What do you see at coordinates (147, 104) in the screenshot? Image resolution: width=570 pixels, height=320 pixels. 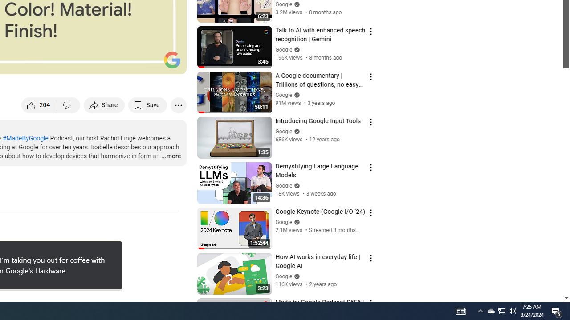 I see `'Save to playlist'` at bounding box center [147, 104].